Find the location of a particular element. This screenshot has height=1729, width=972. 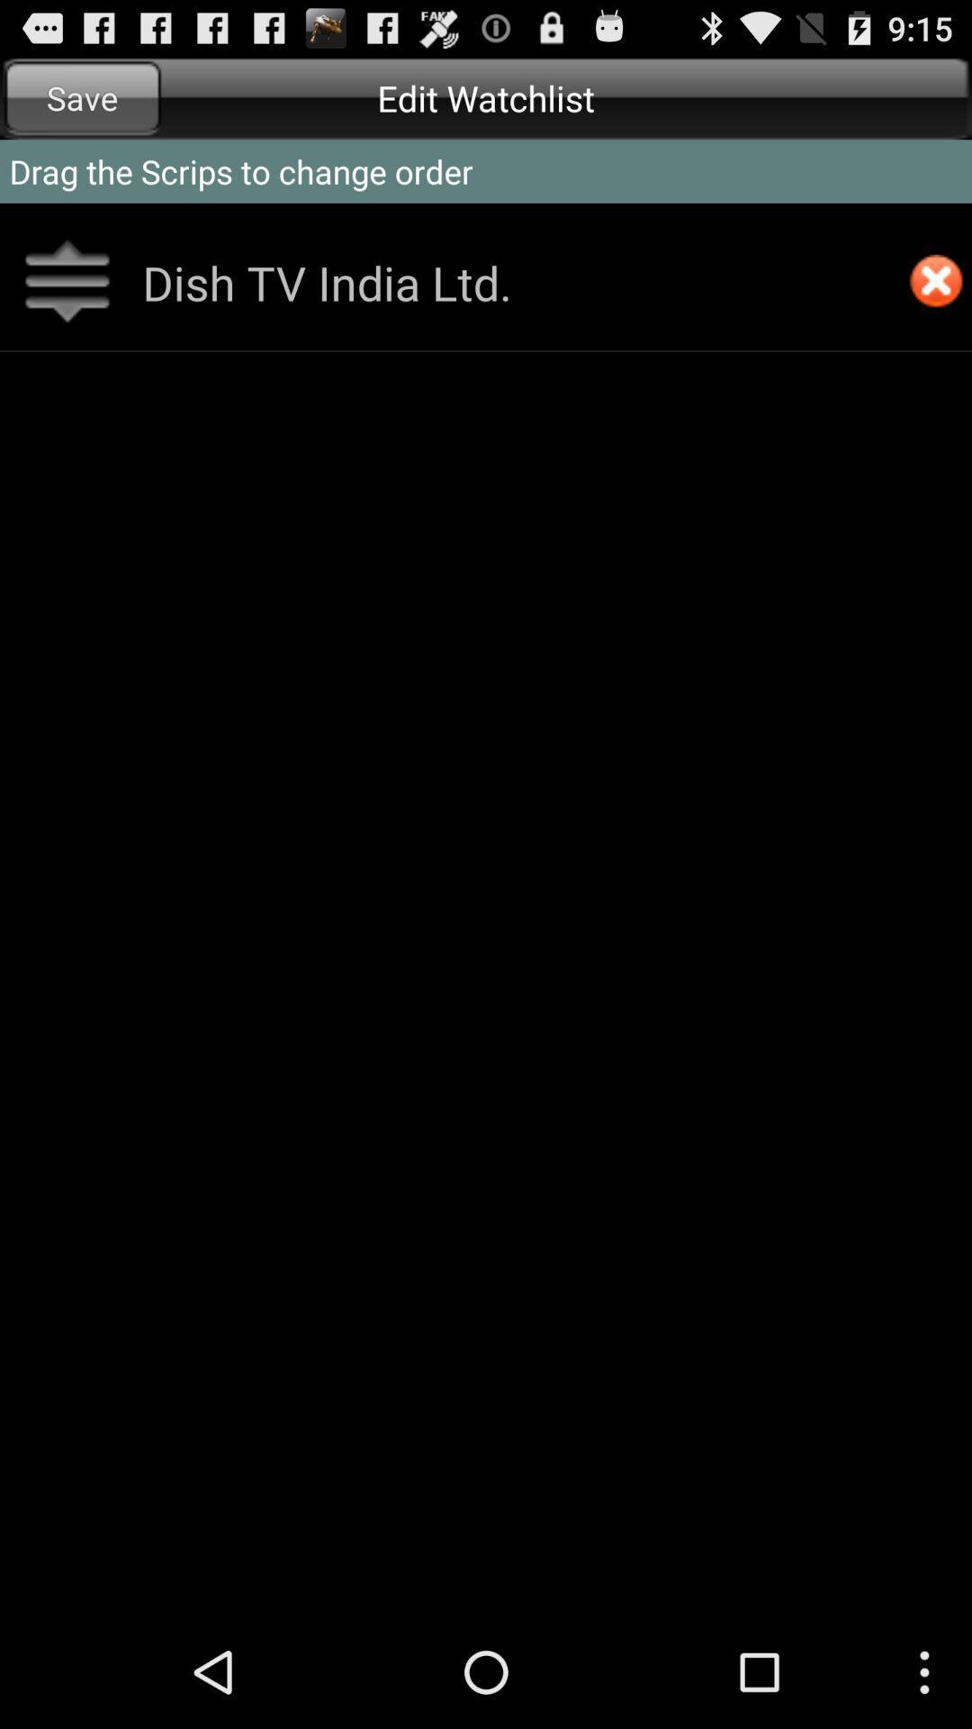

remove from watchlist is located at coordinates (935, 282).